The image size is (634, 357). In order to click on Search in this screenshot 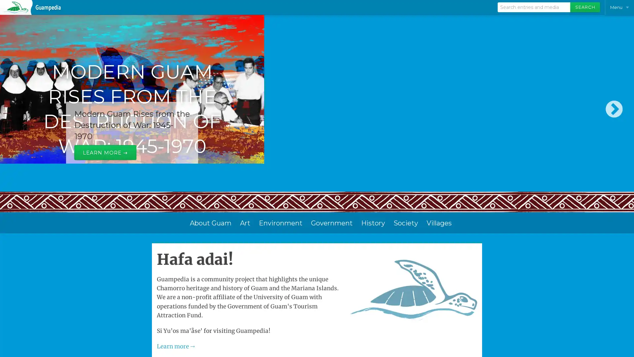, I will do `click(585, 7)`.